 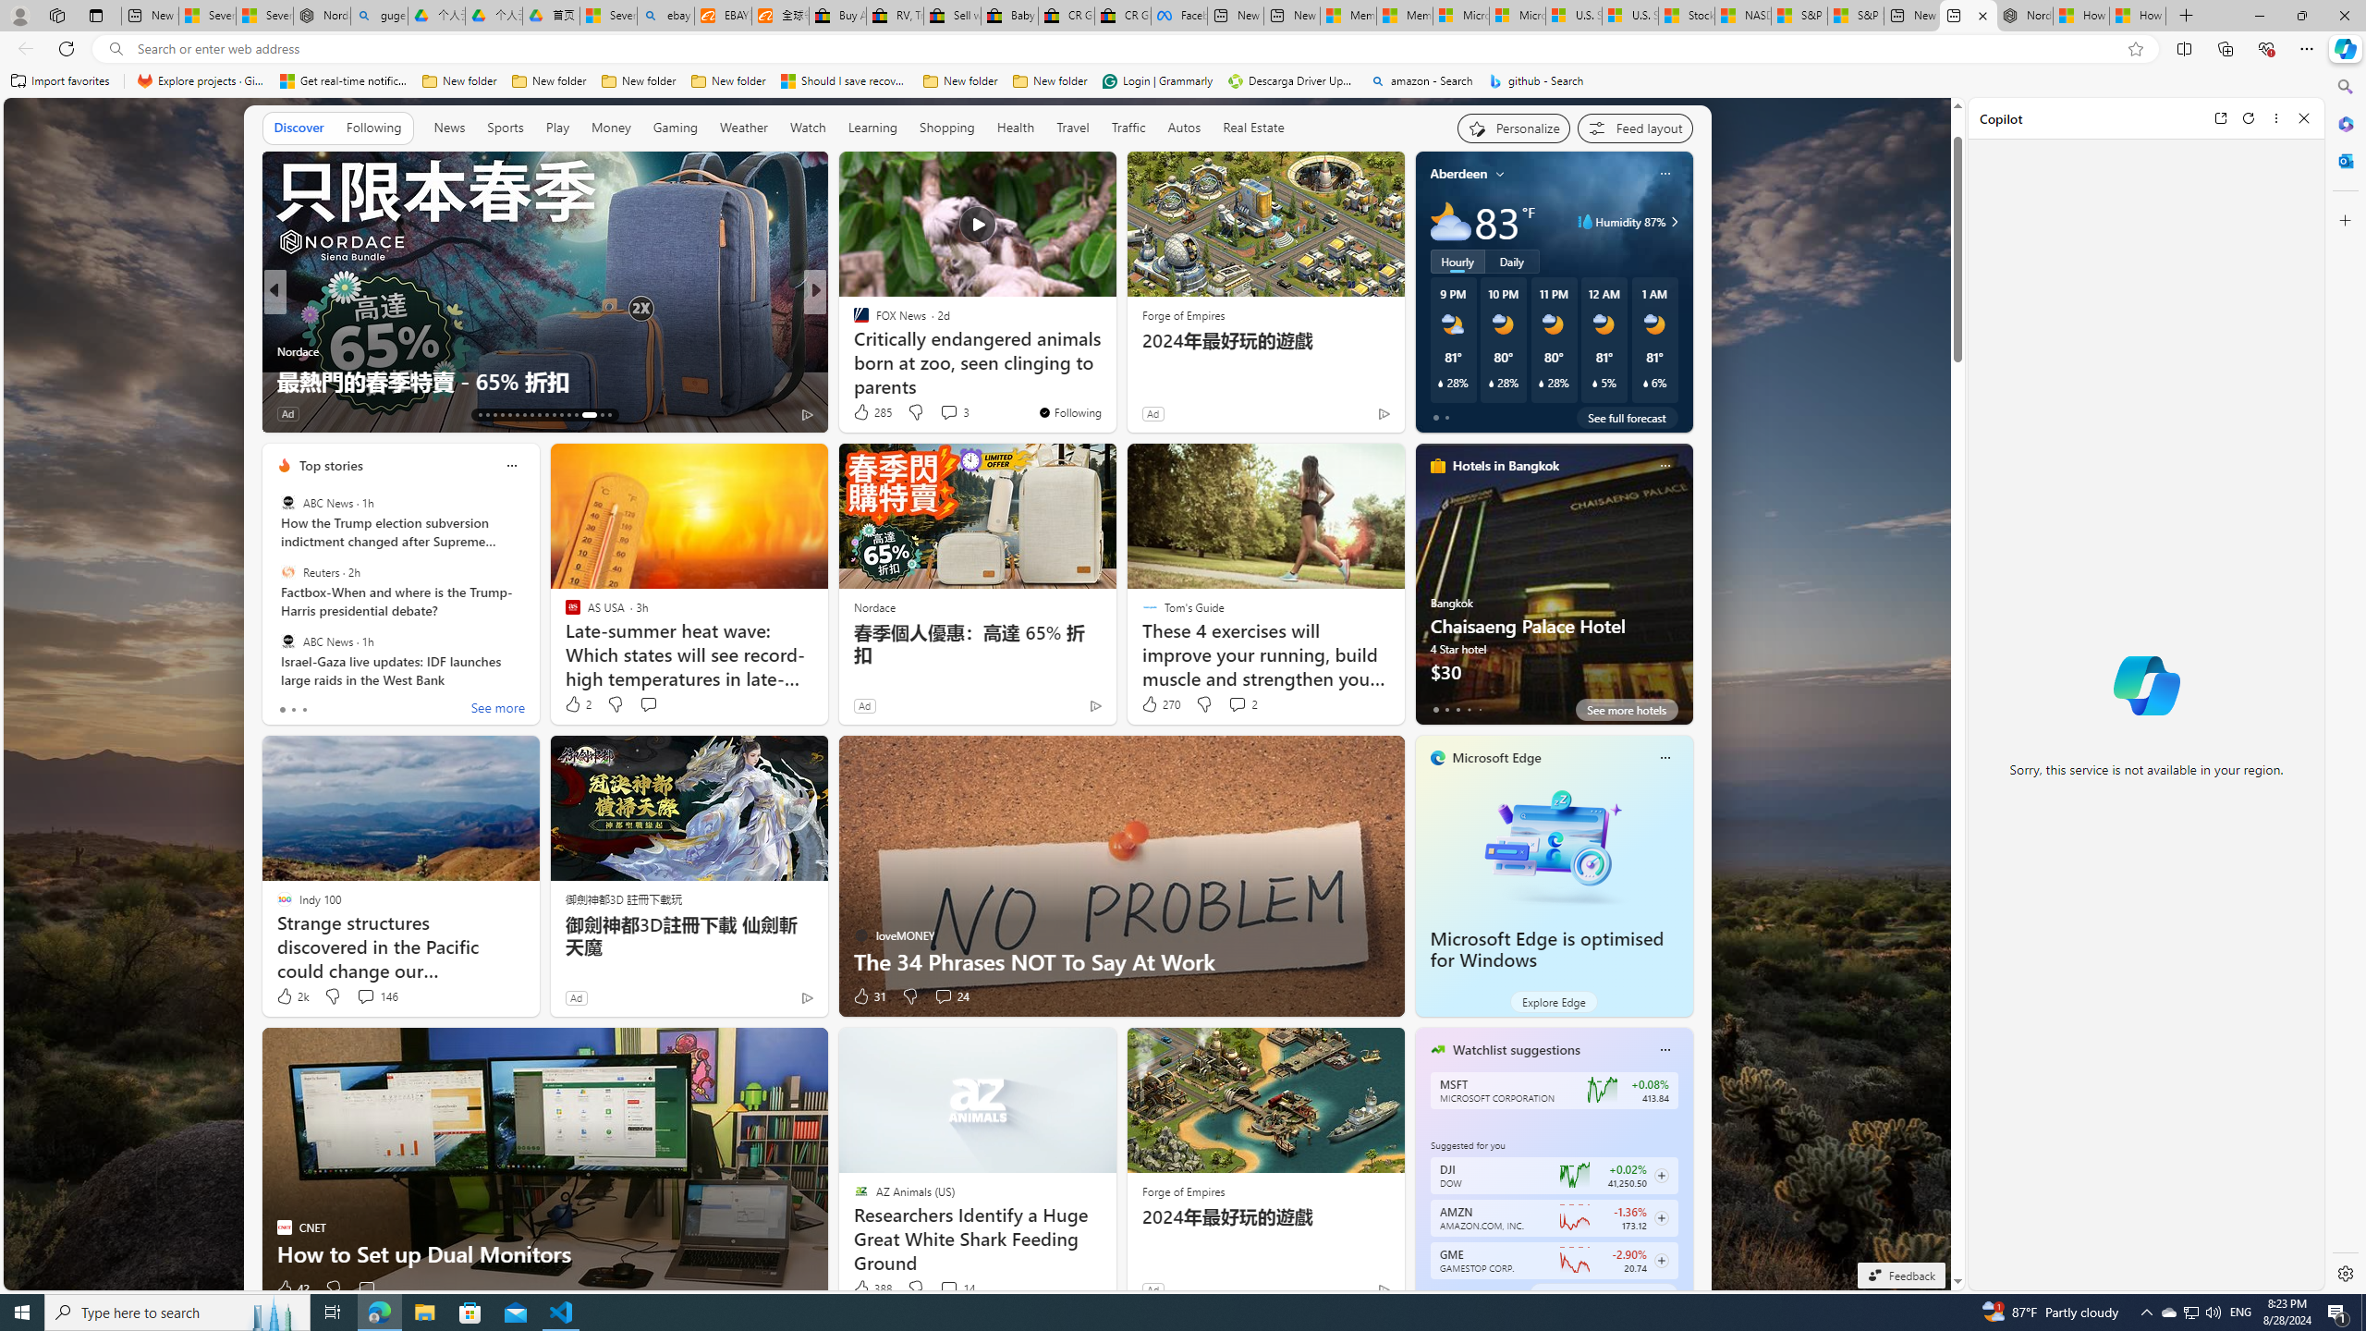 I want to click on 'View comments 14 Comment', so click(x=957, y=1288).